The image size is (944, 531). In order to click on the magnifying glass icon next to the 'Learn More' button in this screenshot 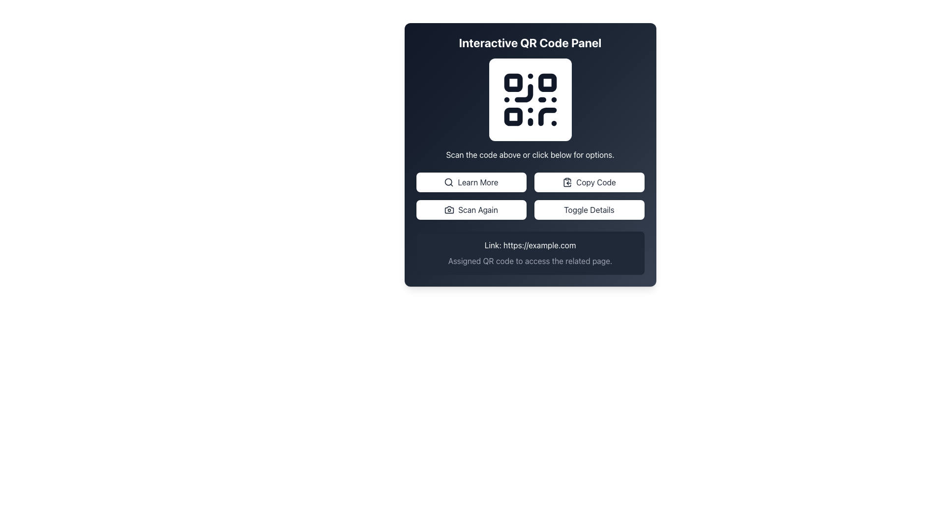, I will do `click(448, 182)`.